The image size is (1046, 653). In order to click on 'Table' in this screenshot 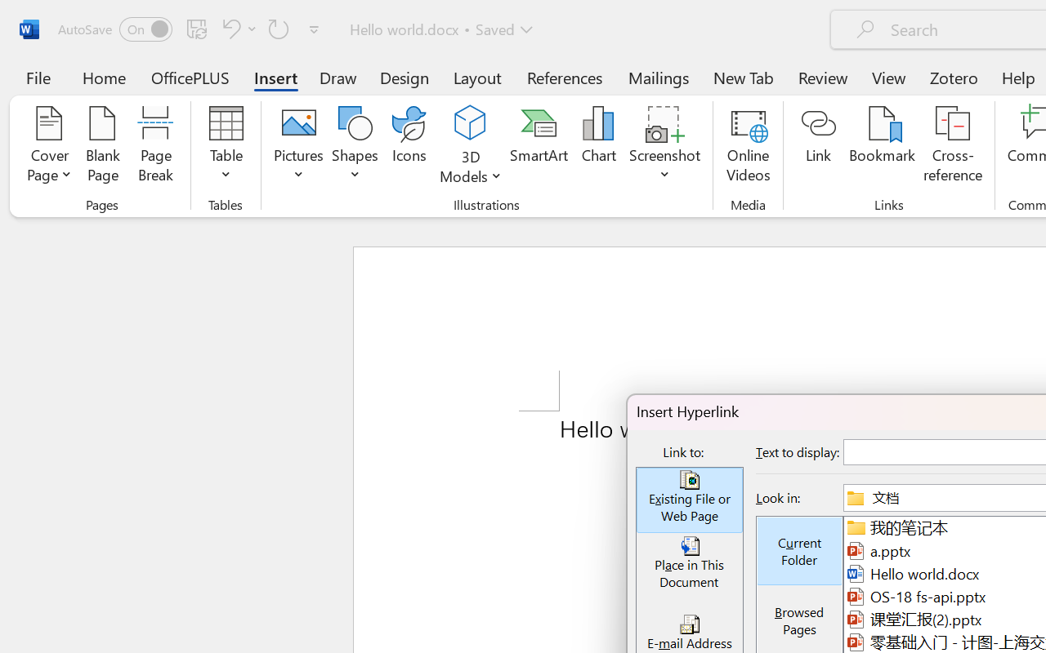, I will do `click(226, 146)`.